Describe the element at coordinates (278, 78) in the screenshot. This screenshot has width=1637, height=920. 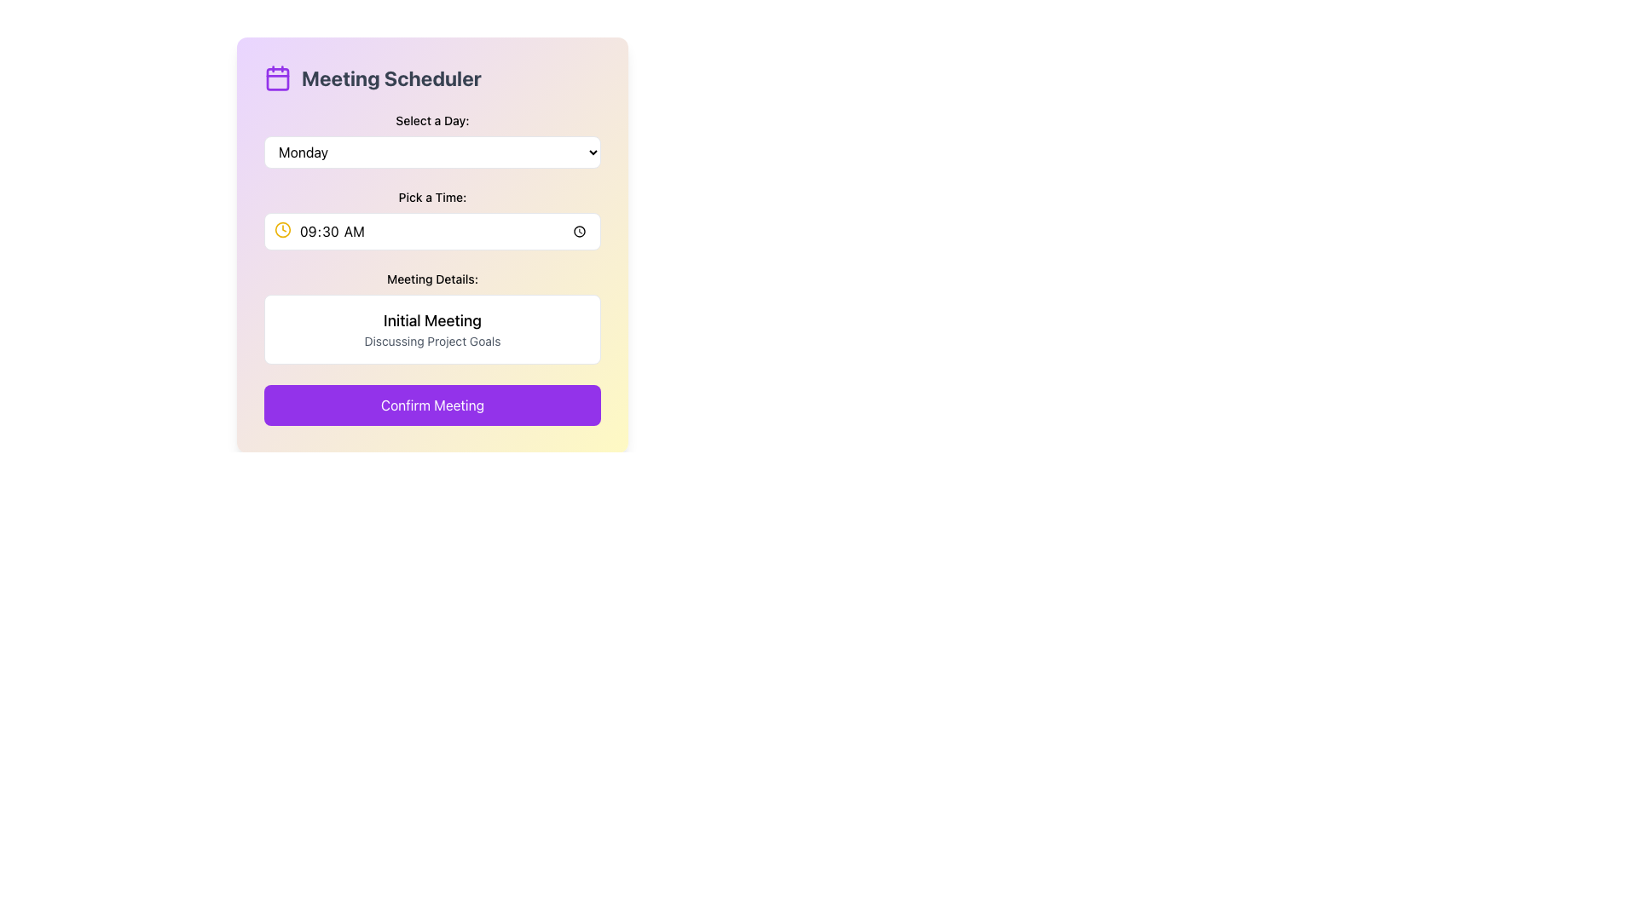
I see `the decorative rectangle part of the calendar icon located at the top-left of the interface, which represents a specific day or date` at that location.